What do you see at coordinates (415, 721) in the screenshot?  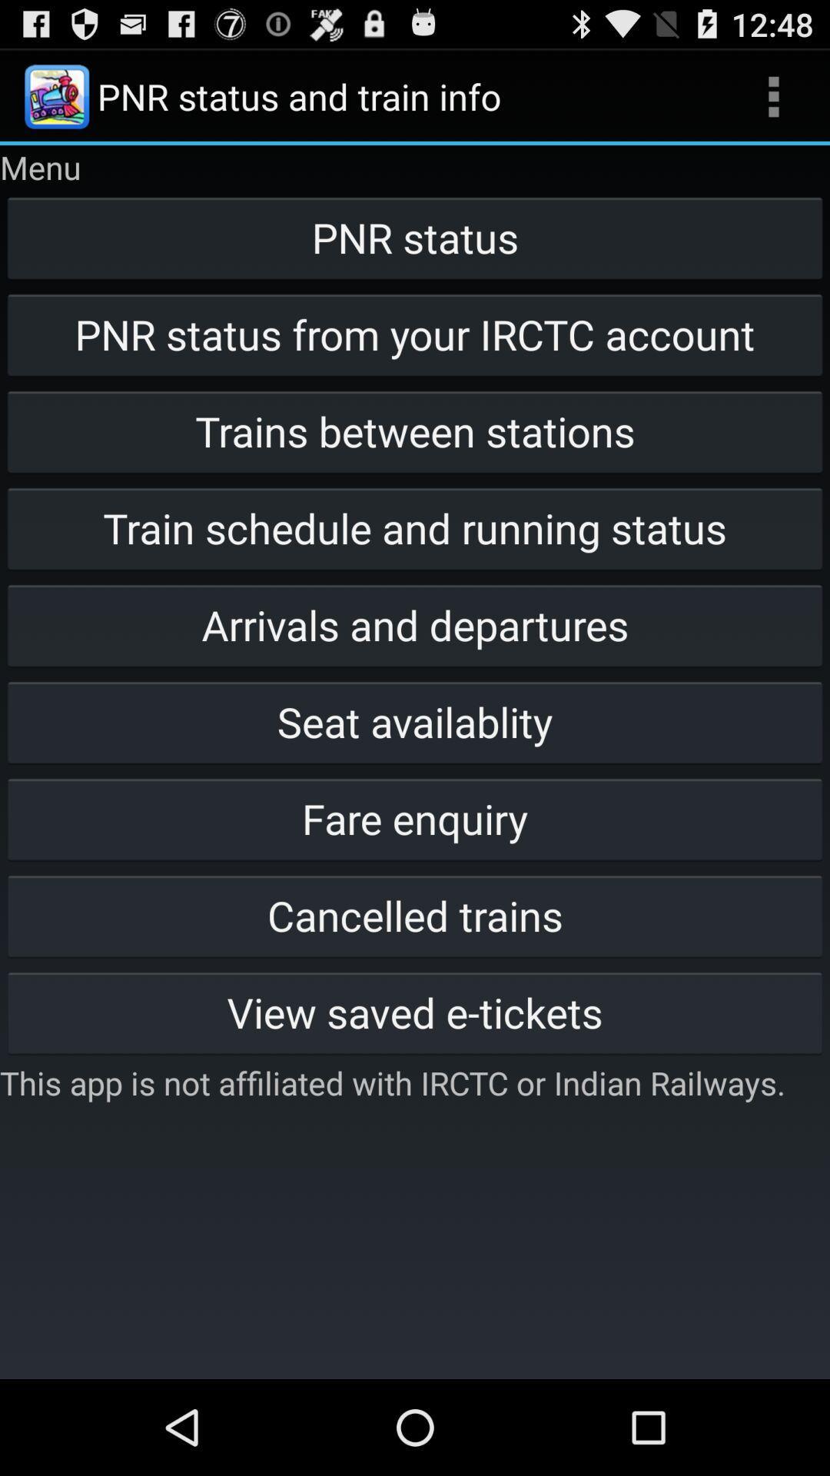 I see `item above the fare enquiry item` at bounding box center [415, 721].